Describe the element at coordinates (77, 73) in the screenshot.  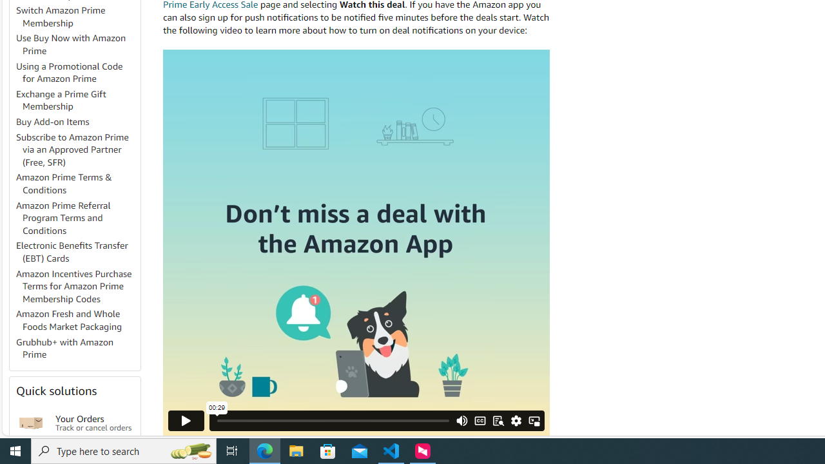
I see `'Using a Promotional Code for Amazon Prime'` at that location.